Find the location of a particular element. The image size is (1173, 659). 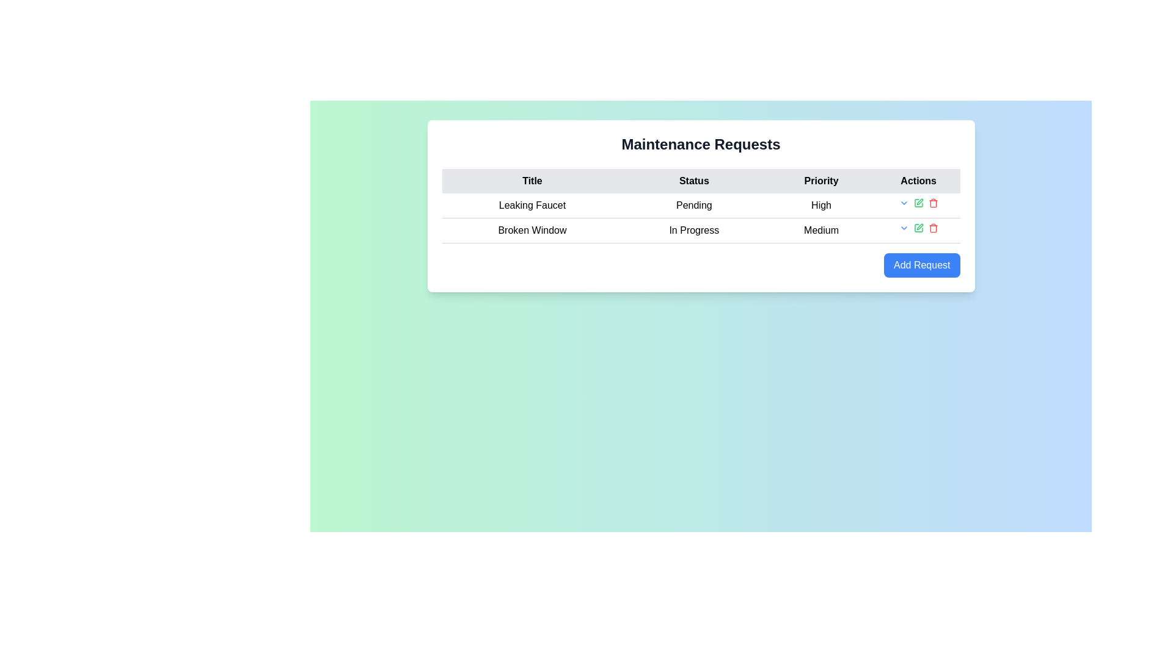

the 'Broken Window' label, which is the first cell in the 'Title' column of the second row in the table, centered in its cell with a light gray background is located at coordinates (532, 231).